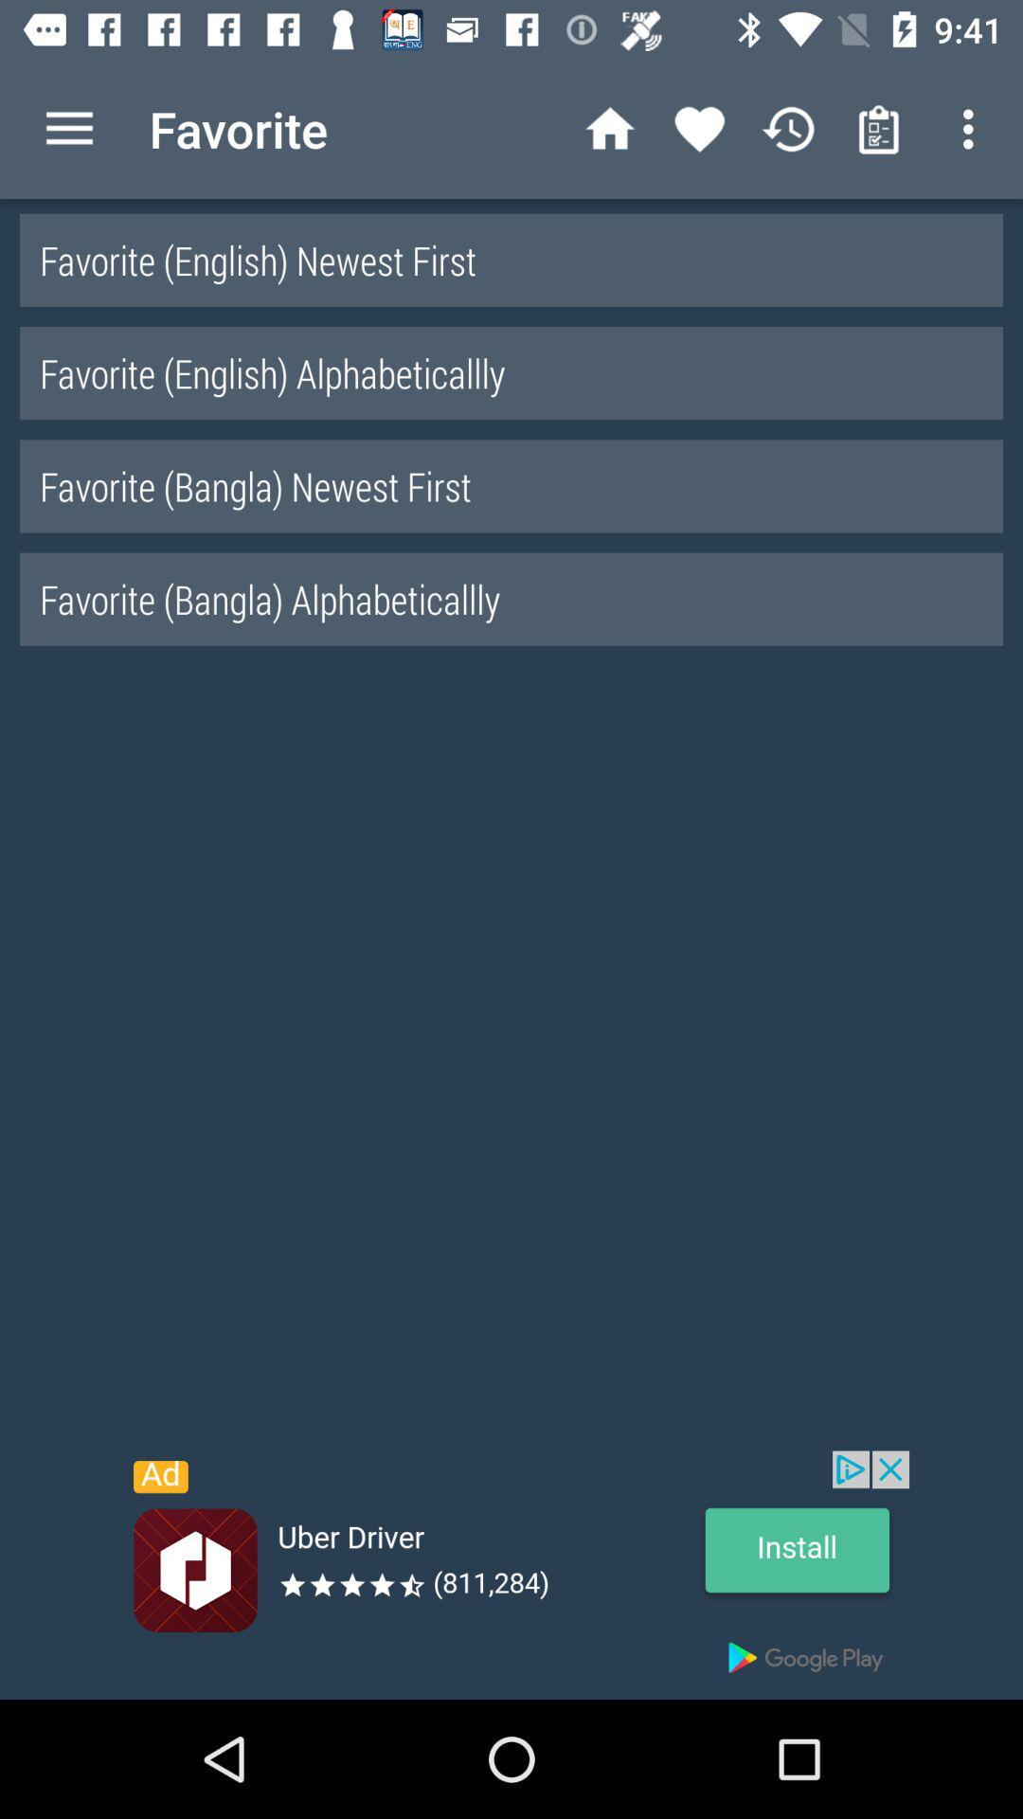 The image size is (1023, 1819). What do you see at coordinates (511, 1575) in the screenshot?
I see `open advertisement in app store` at bounding box center [511, 1575].